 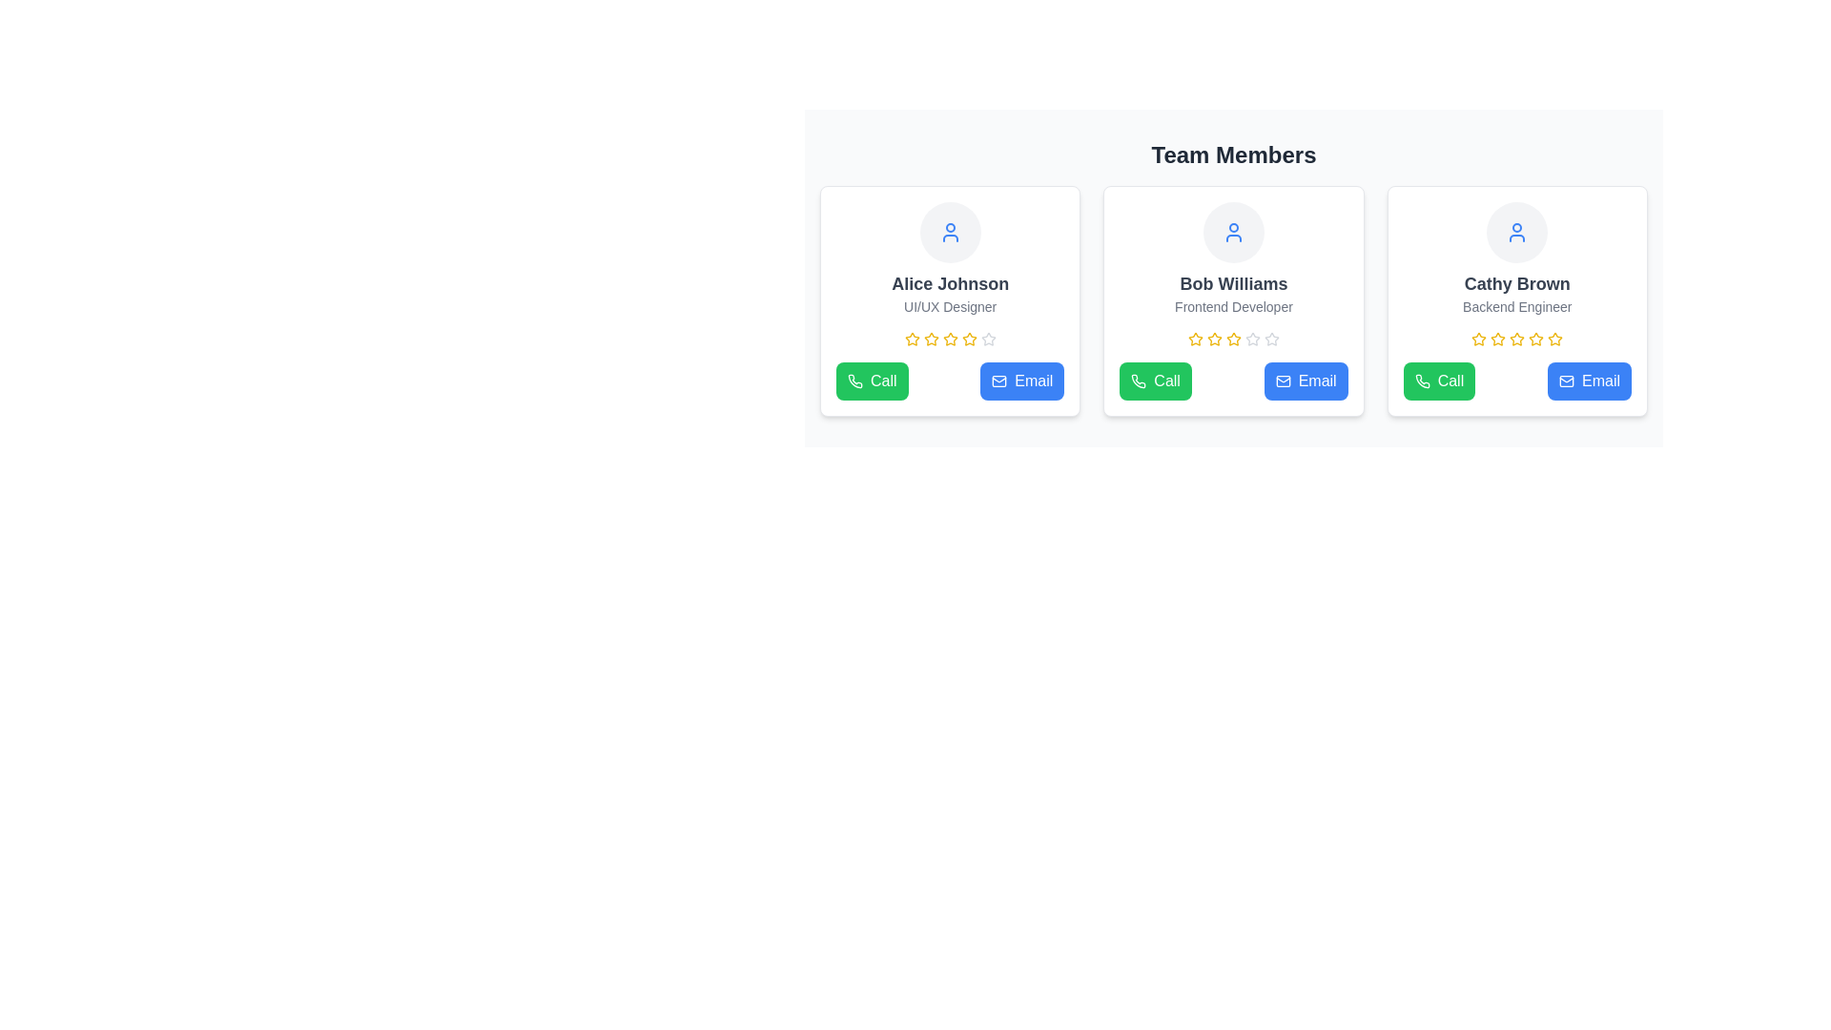 I want to click on the second star in the rating system for 'Bob Williams' in the second user card of the 'Team Members' group, so click(x=1194, y=338).